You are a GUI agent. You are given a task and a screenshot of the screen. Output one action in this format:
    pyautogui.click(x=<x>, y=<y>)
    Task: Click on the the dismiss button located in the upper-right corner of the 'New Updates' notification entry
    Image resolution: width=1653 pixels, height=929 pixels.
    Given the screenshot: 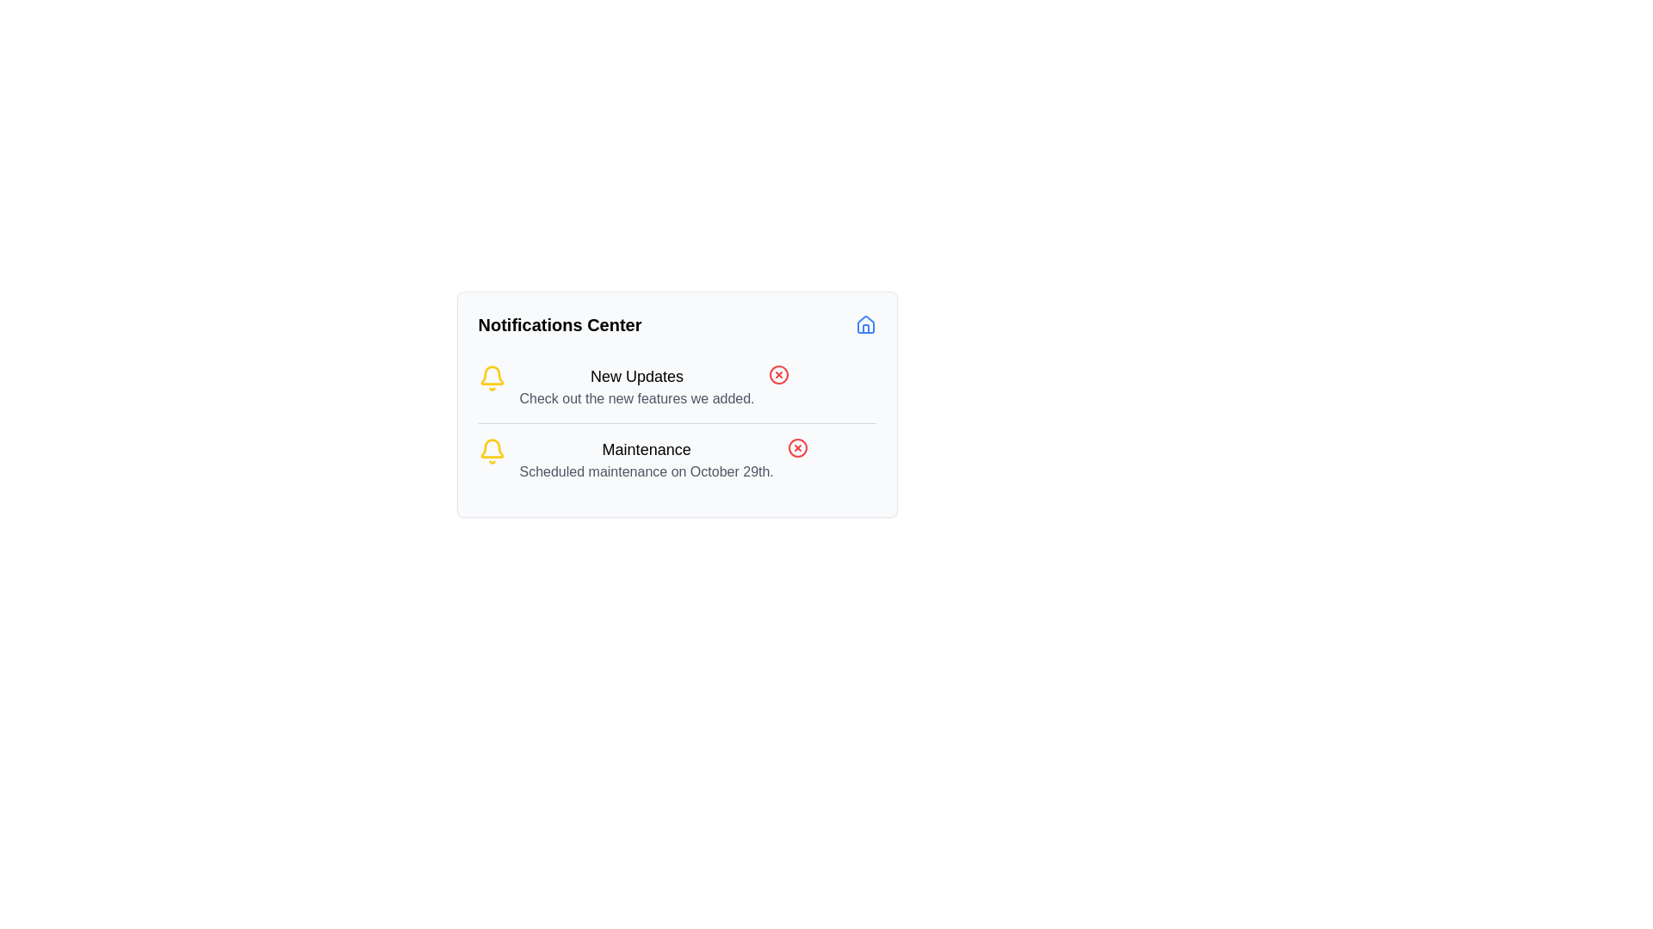 What is the action you would take?
    pyautogui.click(x=777, y=373)
    